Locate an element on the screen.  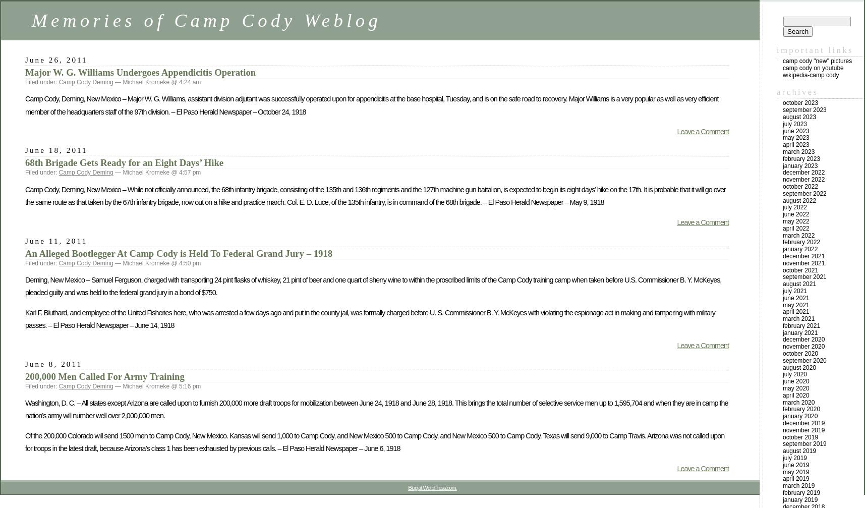
'Washington, D. C. – All states except Arizona are called upon to furnish 200,000 more draft troops for mobilization between June 24, 1918 and June 28, 1918. This brings the total number of selective service men up to 1,595,704 and when they are in camp the nation’s army will number well over 2,000,000 men.' is located at coordinates (25, 409).